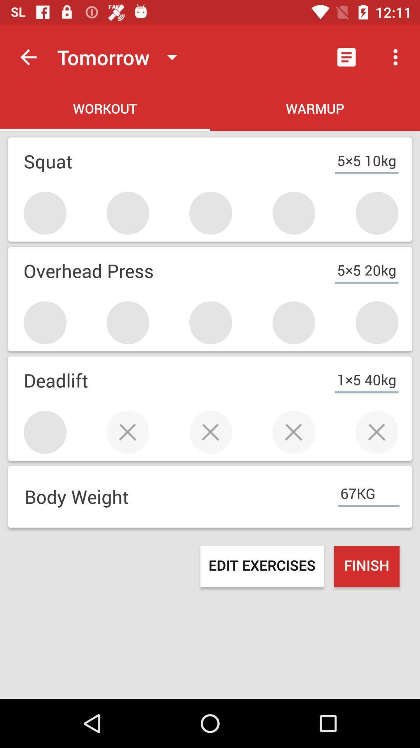  Describe the element at coordinates (121, 56) in the screenshot. I see `icon above the workout icon` at that location.